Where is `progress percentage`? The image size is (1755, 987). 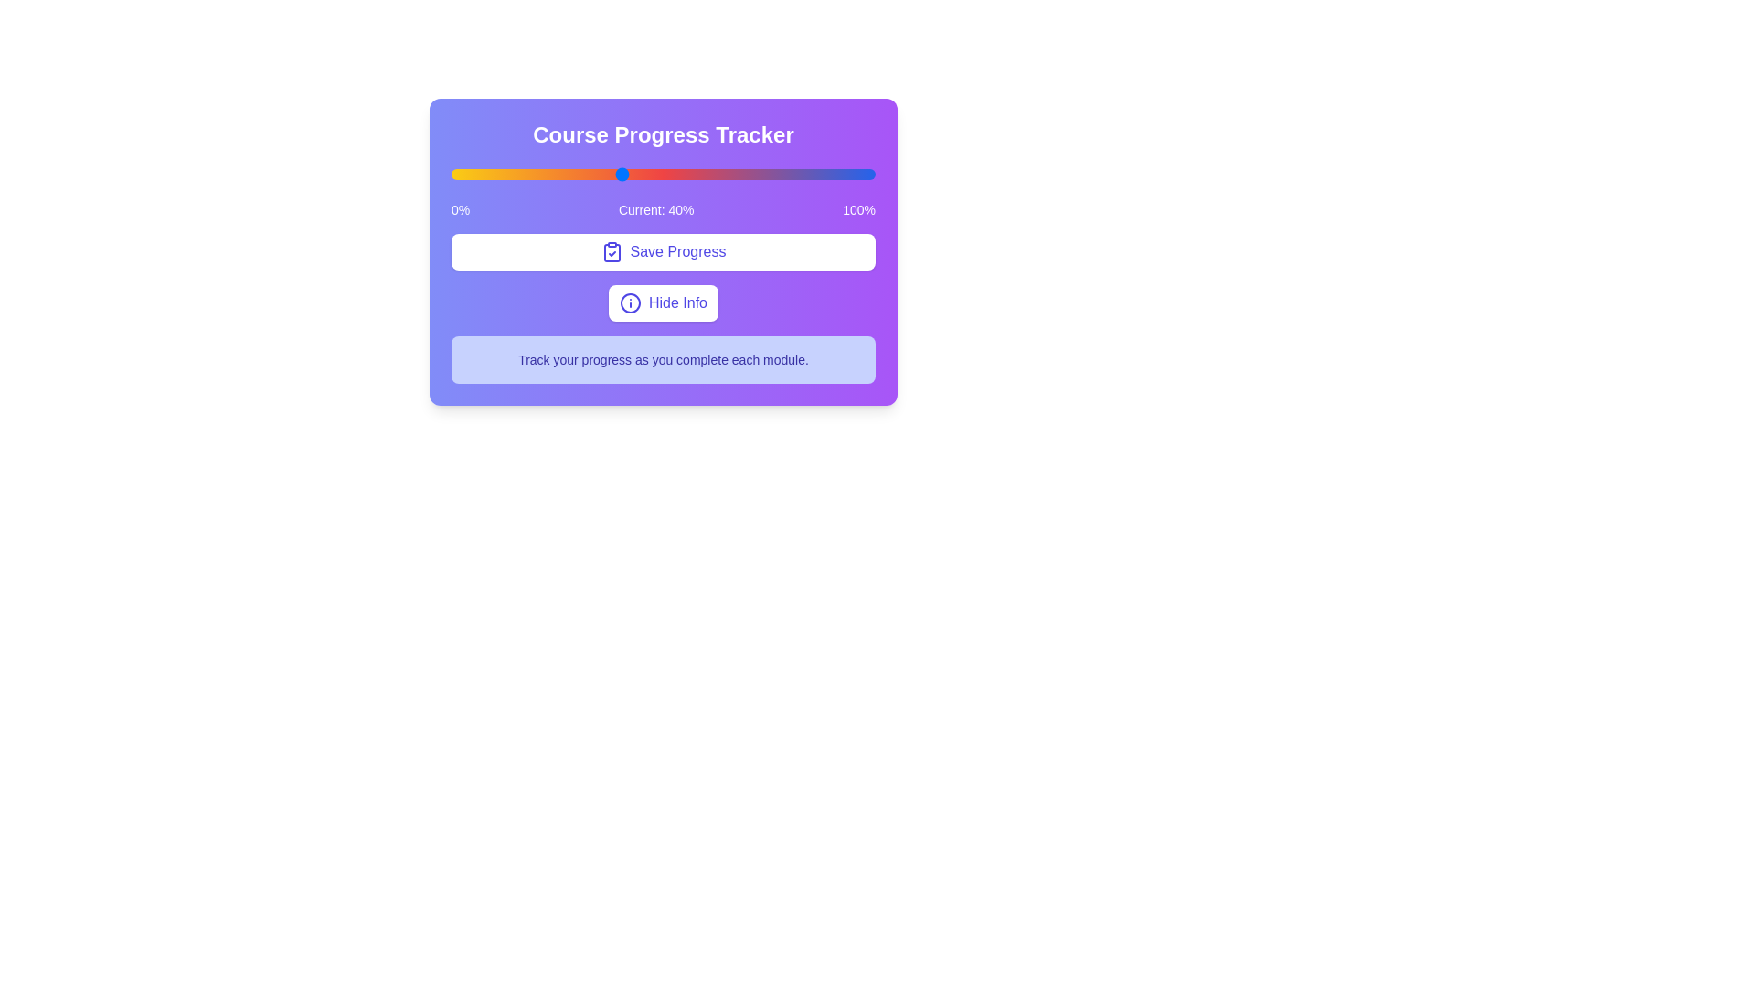 progress percentage is located at coordinates (489, 175).